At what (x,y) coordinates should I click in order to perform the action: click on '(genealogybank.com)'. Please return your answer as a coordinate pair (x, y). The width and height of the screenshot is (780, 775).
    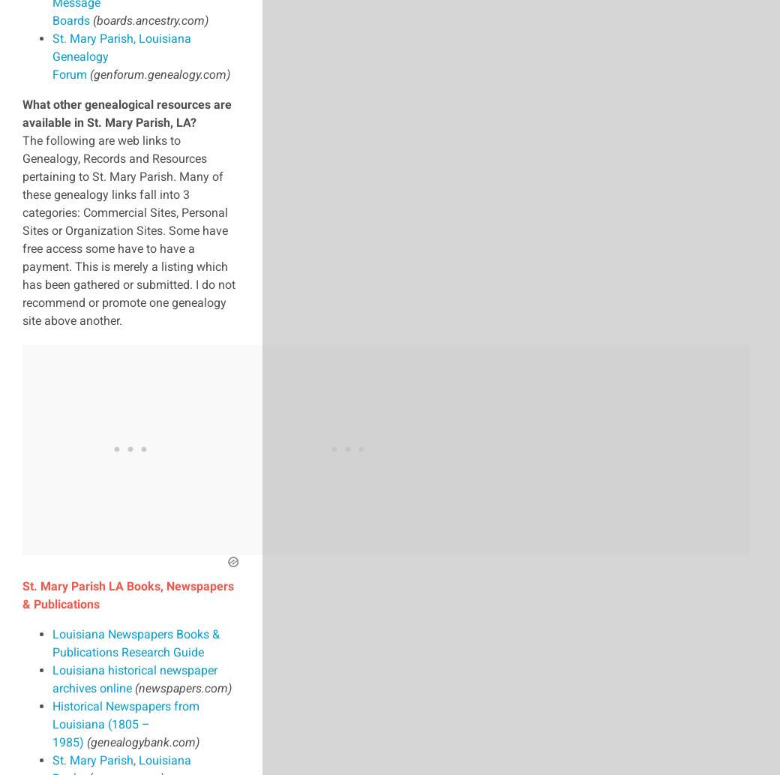
    Looking at the image, I should click on (143, 740).